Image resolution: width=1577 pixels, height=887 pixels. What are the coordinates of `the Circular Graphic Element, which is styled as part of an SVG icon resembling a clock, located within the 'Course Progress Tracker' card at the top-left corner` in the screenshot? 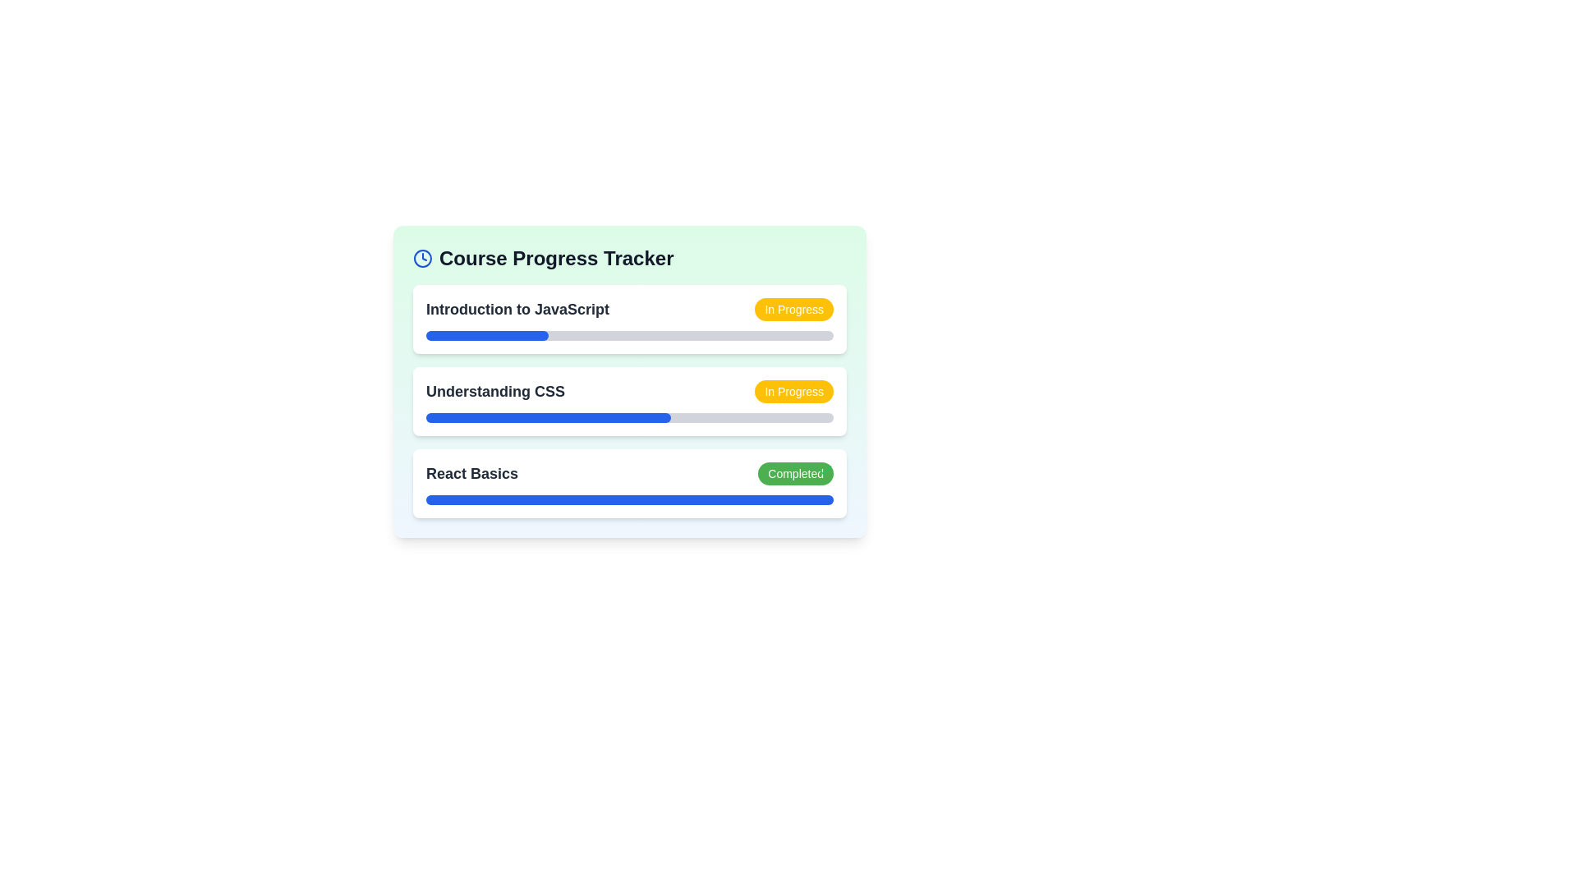 It's located at (422, 259).